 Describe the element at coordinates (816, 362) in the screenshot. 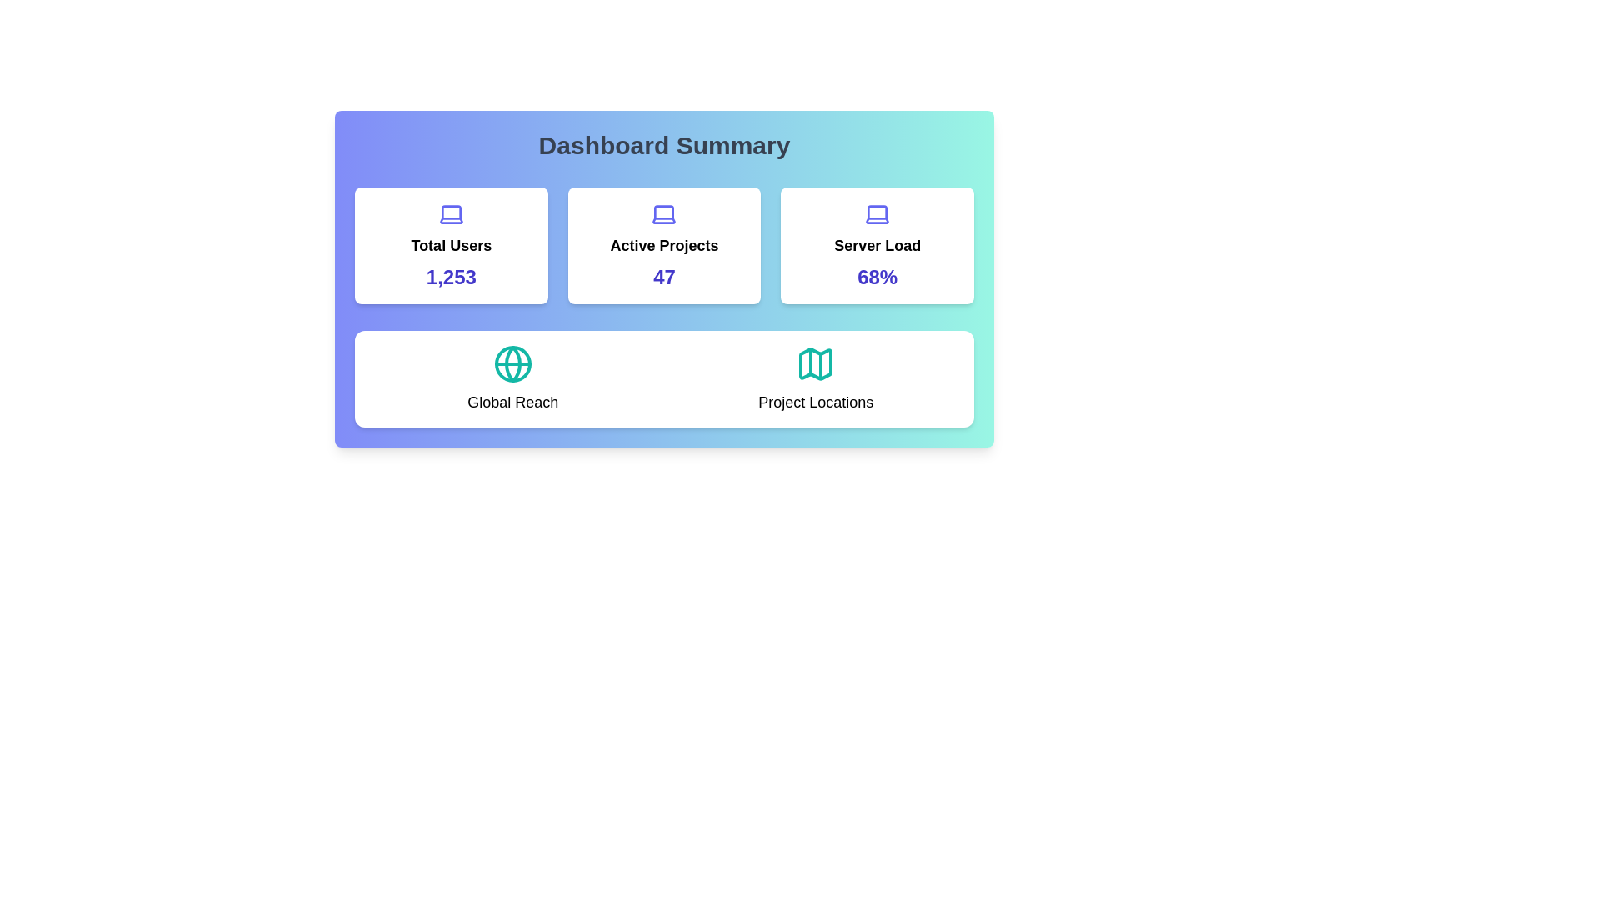

I see `the 'Project Locations' icon located in the bottom-right quadrant of the dashboard, adjacent to the 'Global Reach' icon` at that location.